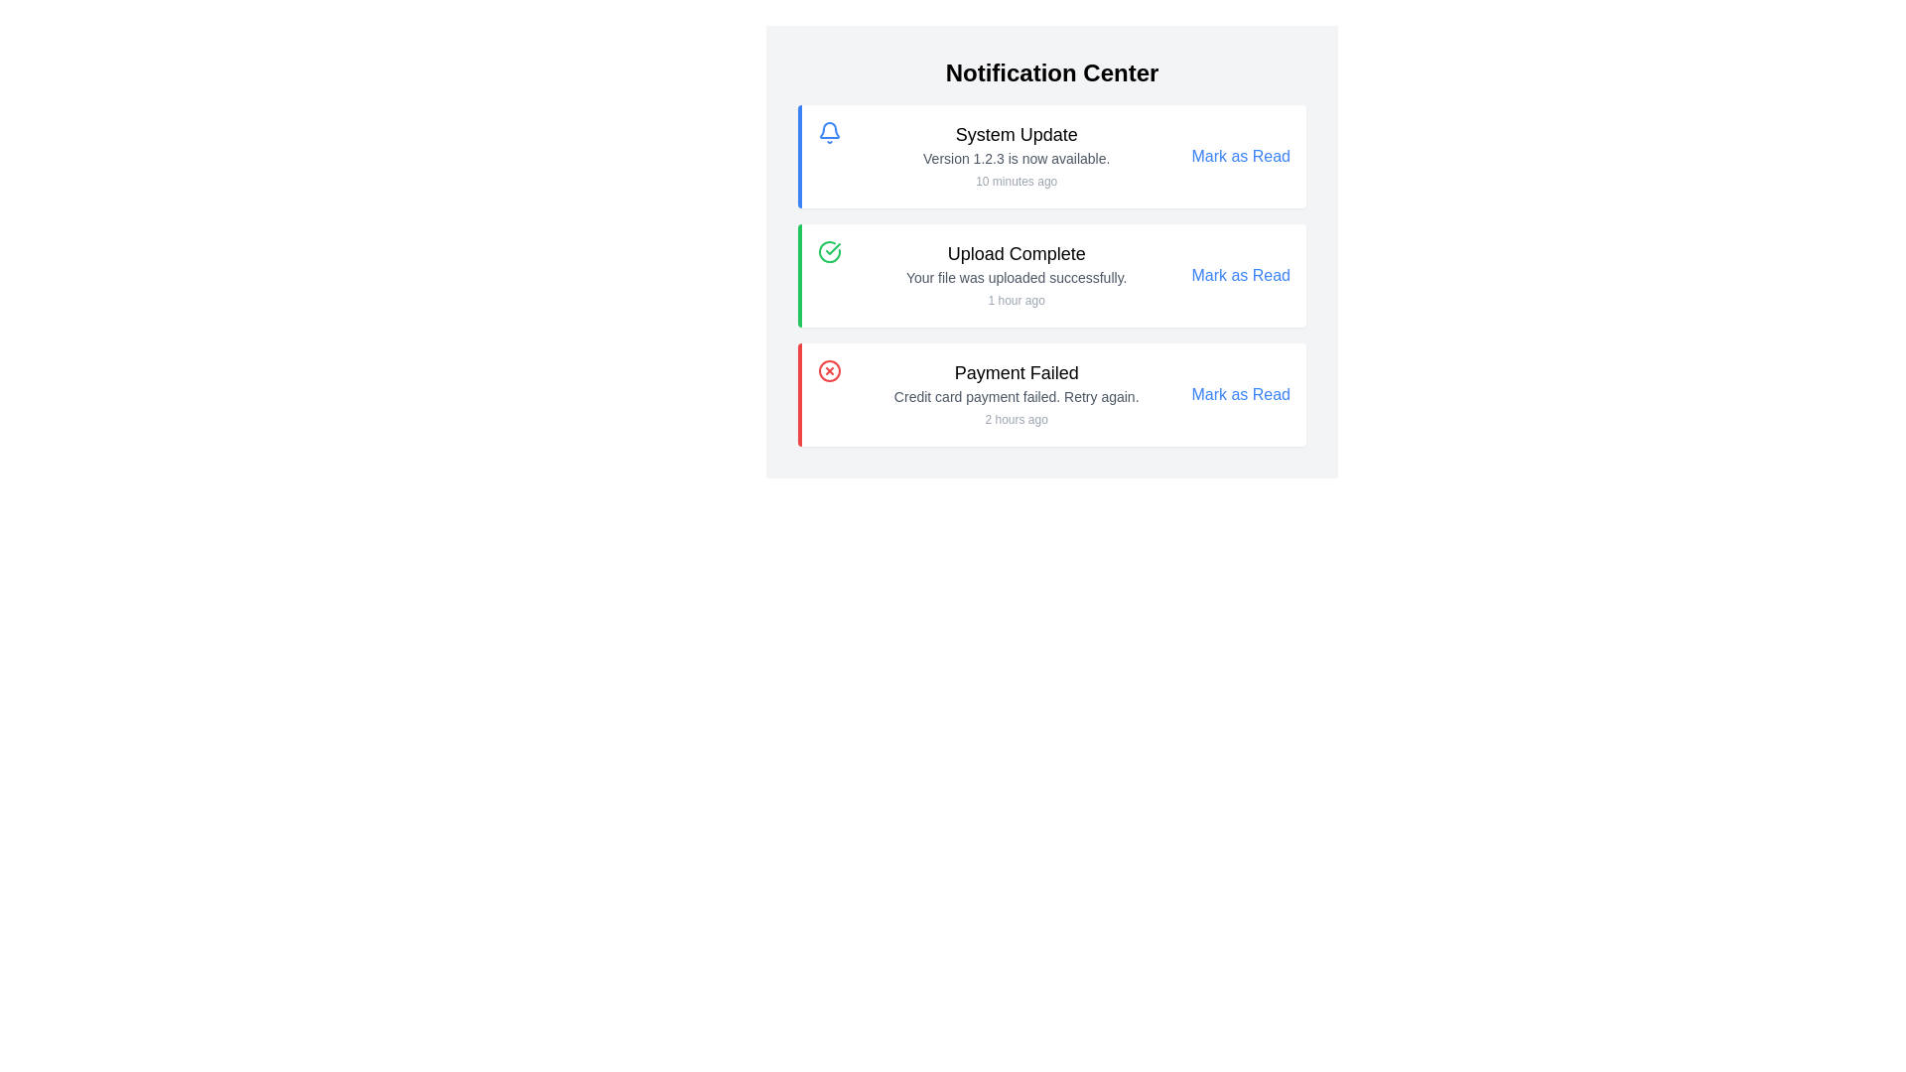 The width and height of the screenshot is (1906, 1072). I want to click on the text label reading '10 minutes ago' which is styled in small gray font and positioned below the primary text 'Version 1.2.3 is now available' in the 'System Update' notification block, so click(1017, 181).